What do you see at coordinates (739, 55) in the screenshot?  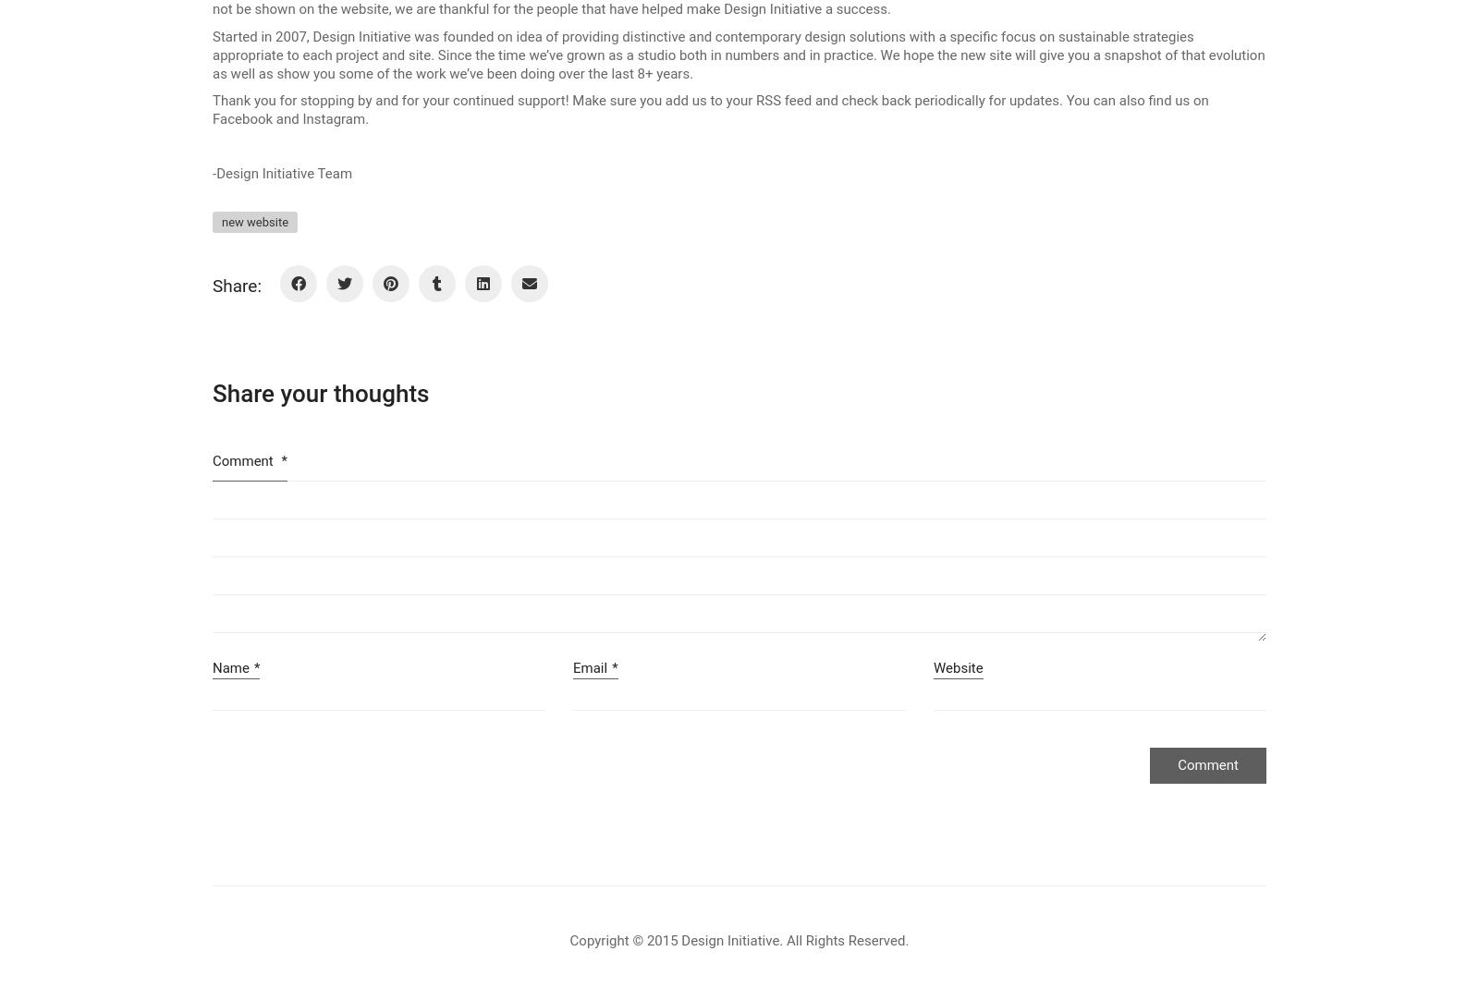 I see `'CONTACT'` at bounding box center [739, 55].